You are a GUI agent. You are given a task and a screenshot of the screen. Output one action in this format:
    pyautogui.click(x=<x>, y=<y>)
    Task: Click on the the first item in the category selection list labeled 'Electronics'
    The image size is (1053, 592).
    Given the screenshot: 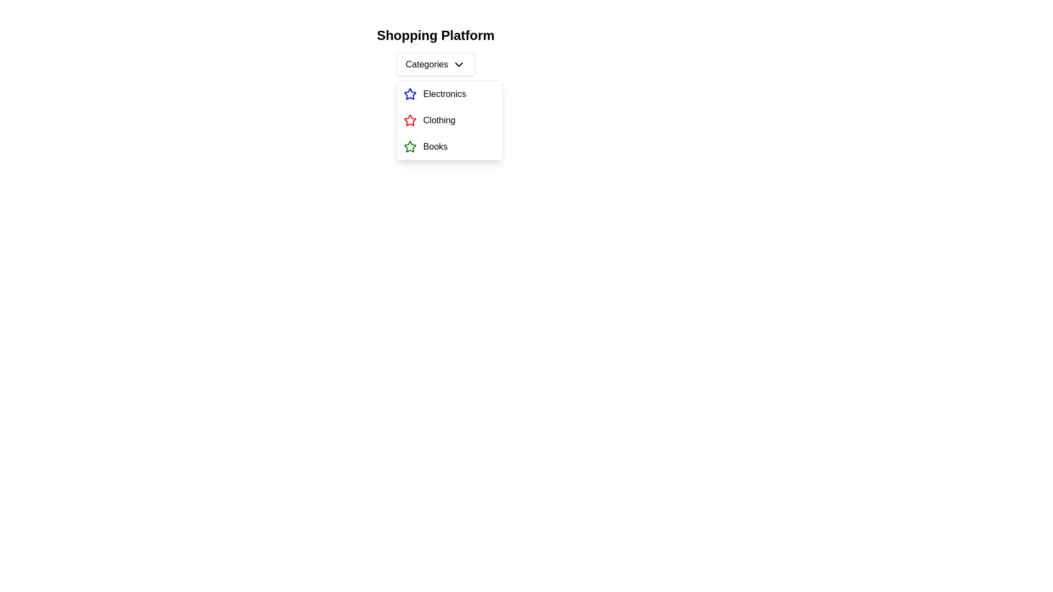 What is the action you would take?
    pyautogui.click(x=449, y=94)
    